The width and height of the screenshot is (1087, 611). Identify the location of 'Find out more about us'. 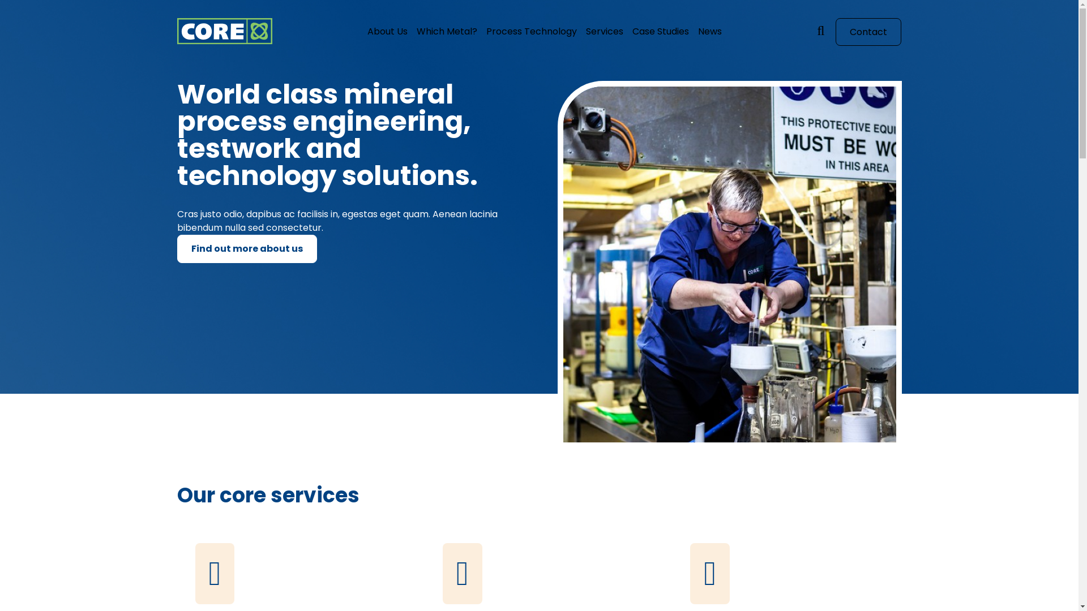
(176, 248).